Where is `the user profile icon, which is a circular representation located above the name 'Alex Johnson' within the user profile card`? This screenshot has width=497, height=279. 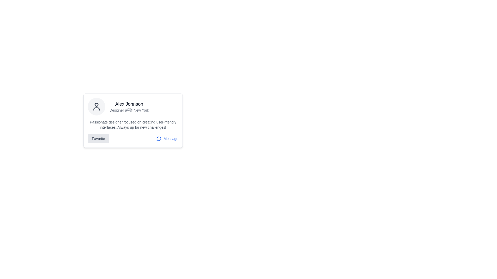 the user profile icon, which is a circular representation located above the name 'Alex Johnson' within the user profile card is located at coordinates (97, 106).